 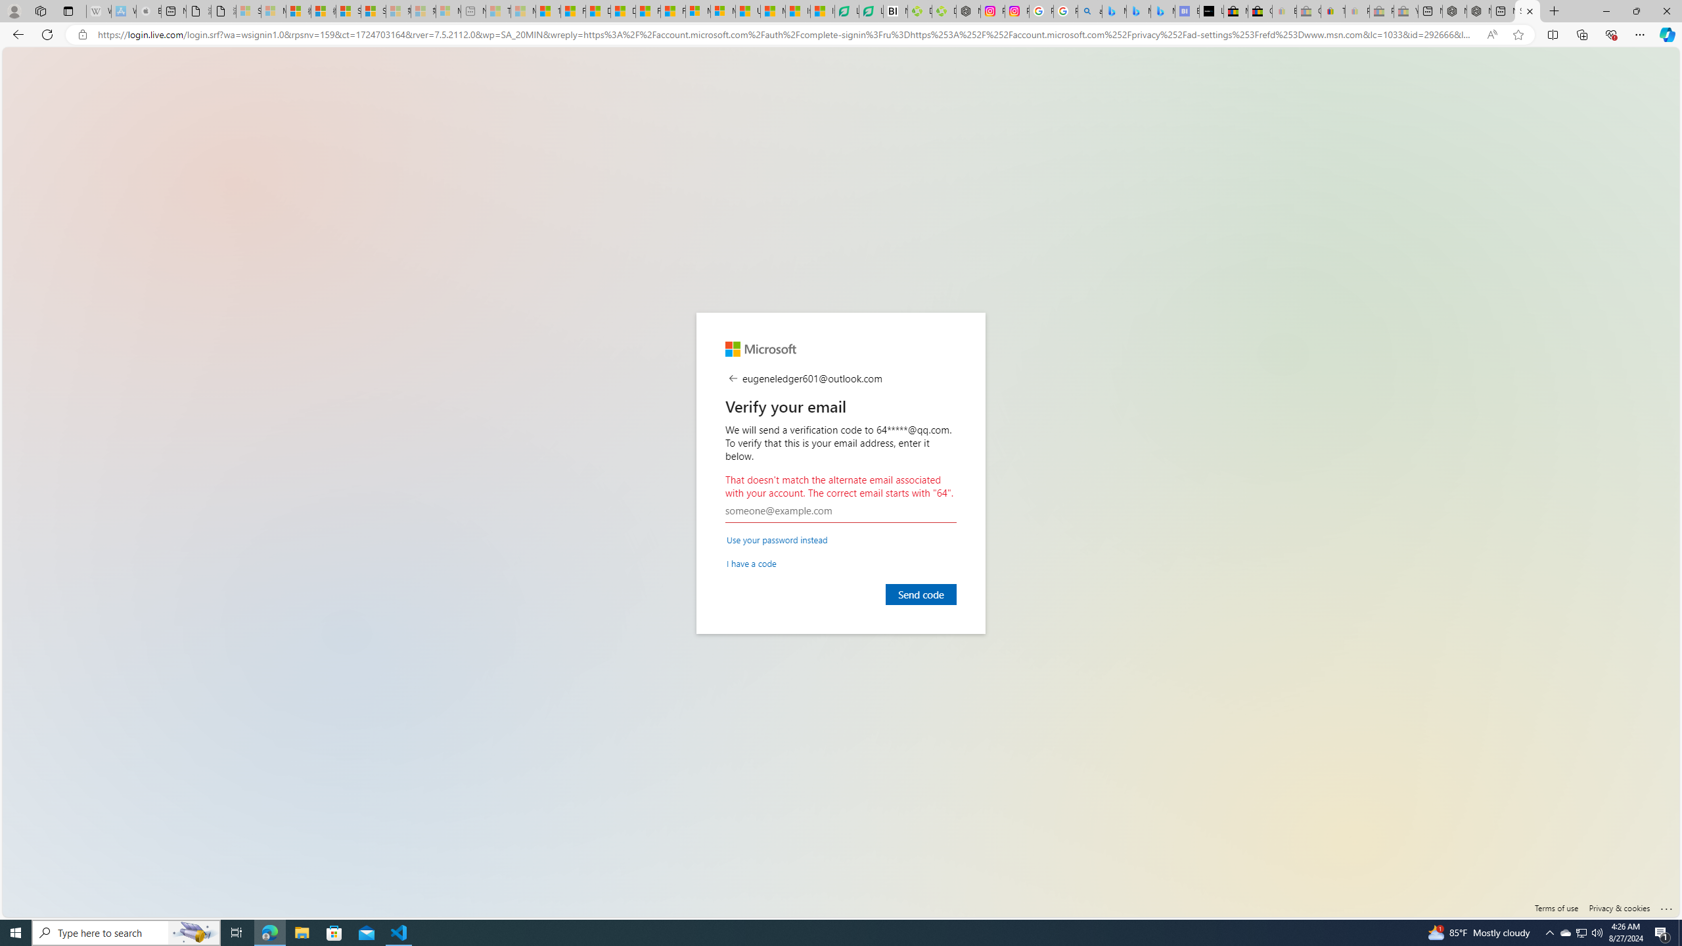 What do you see at coordinates (248, 11) in the screenshot?
I see `'Sign in to your Microsoft account - Sleeping'` at bounding box center [248, 11].